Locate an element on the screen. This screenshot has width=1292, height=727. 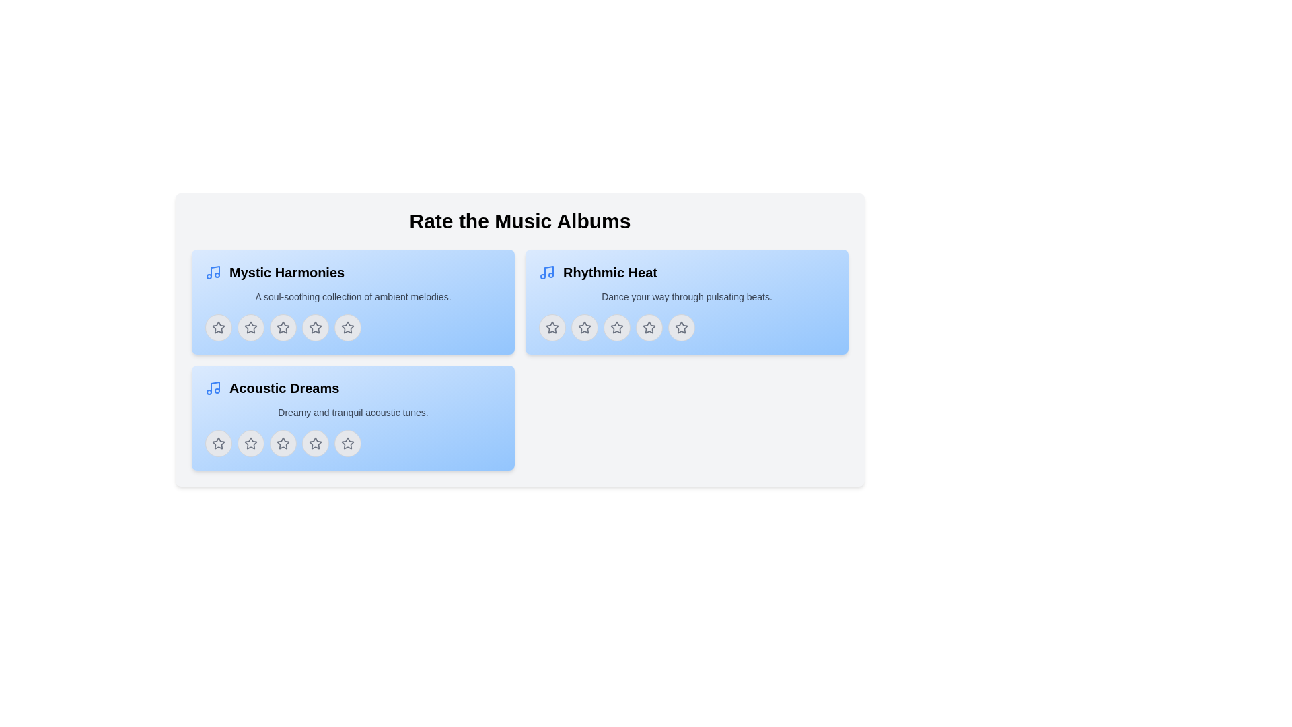
the text label displaying 'Dreamy and tranquil acoustic tunes' located in the lower section of the 'Acoustic Dreams' card is located at coordinates (353, 412).